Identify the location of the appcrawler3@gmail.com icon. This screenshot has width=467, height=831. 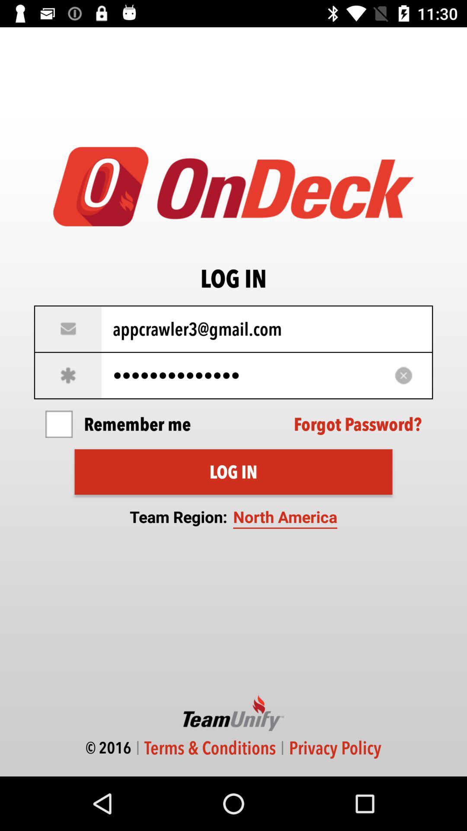
(233, 329).